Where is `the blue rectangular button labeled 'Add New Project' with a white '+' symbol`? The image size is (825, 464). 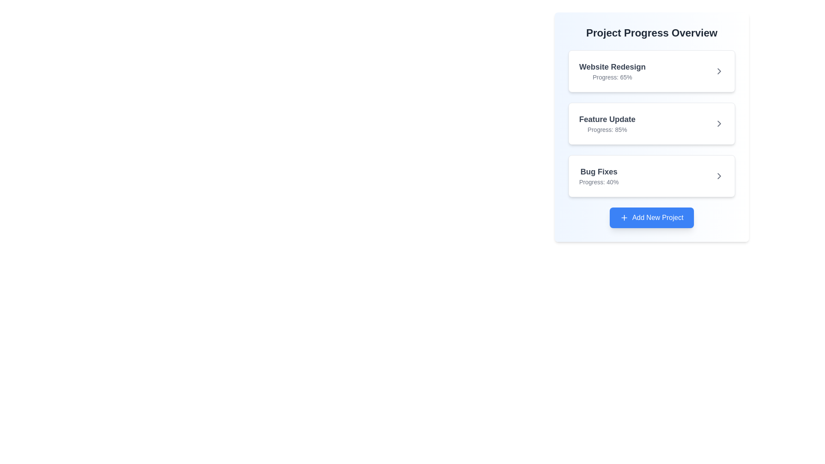
the blue rectangular button labeled 'Add New Project' with a white '+' symbol is located at coordinates (651, 217).